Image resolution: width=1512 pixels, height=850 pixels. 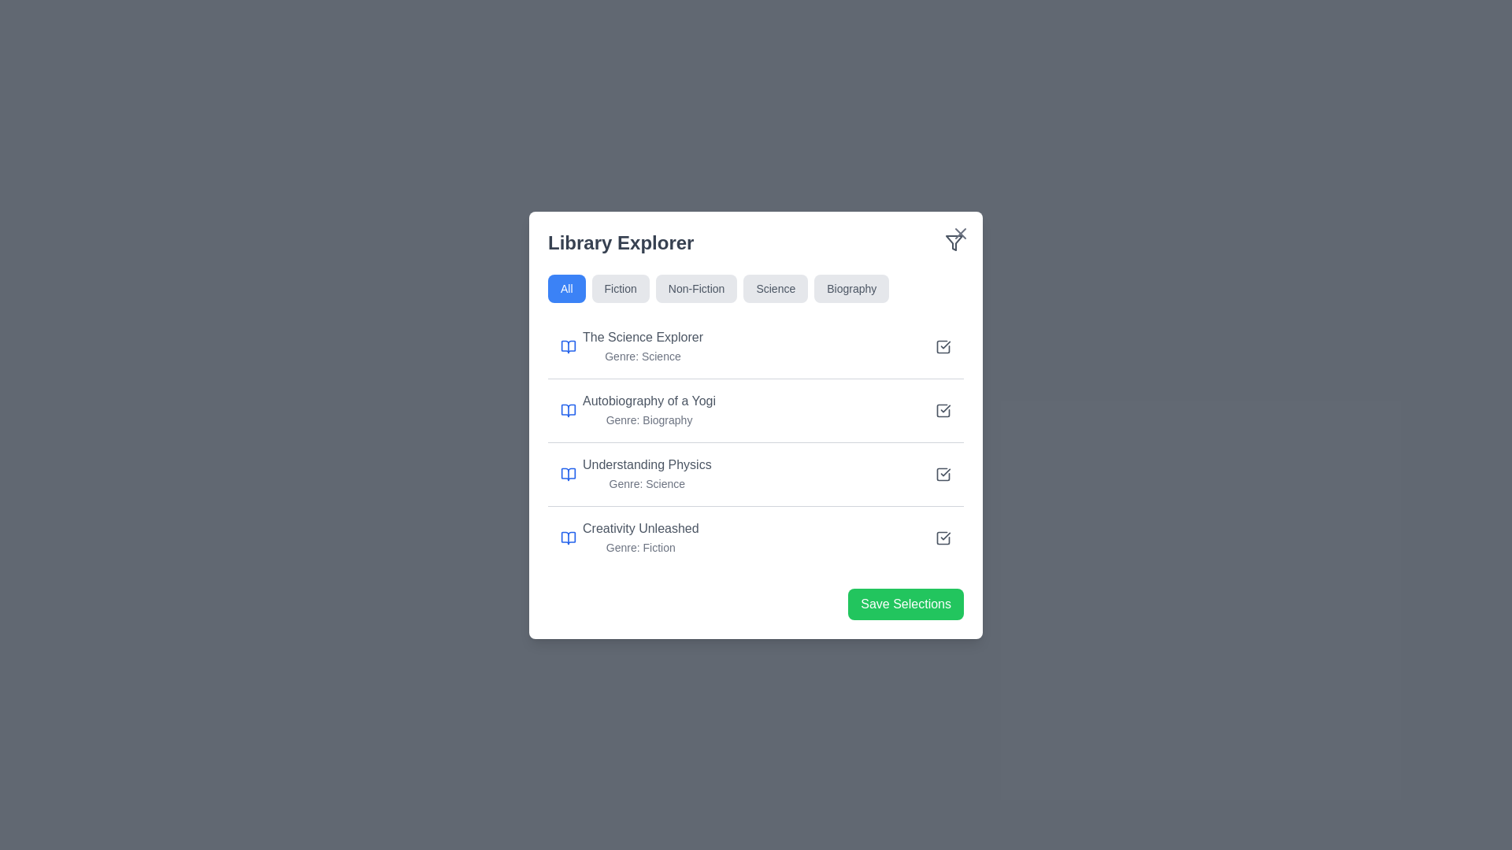 What do you see at coordinates (647, 473) in the screenshot?
I see `the text block labeled 'Understanding Physics' in the Library Explorer` at bounding box center [647, 473].